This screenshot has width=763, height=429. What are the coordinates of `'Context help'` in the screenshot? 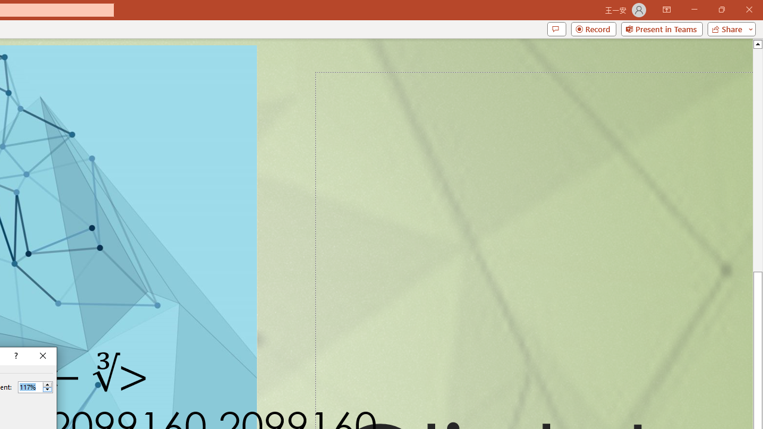 It's located at (15, 355).